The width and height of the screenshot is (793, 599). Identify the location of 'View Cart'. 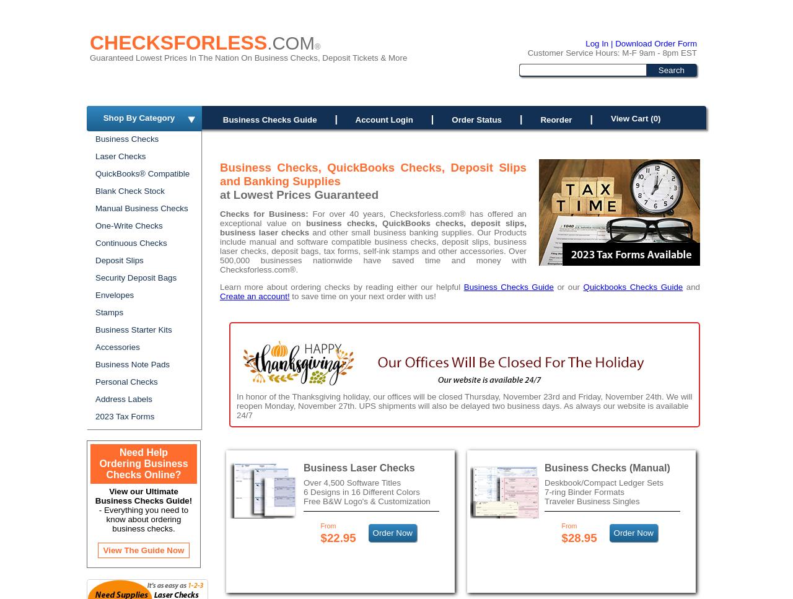
(630, 118).